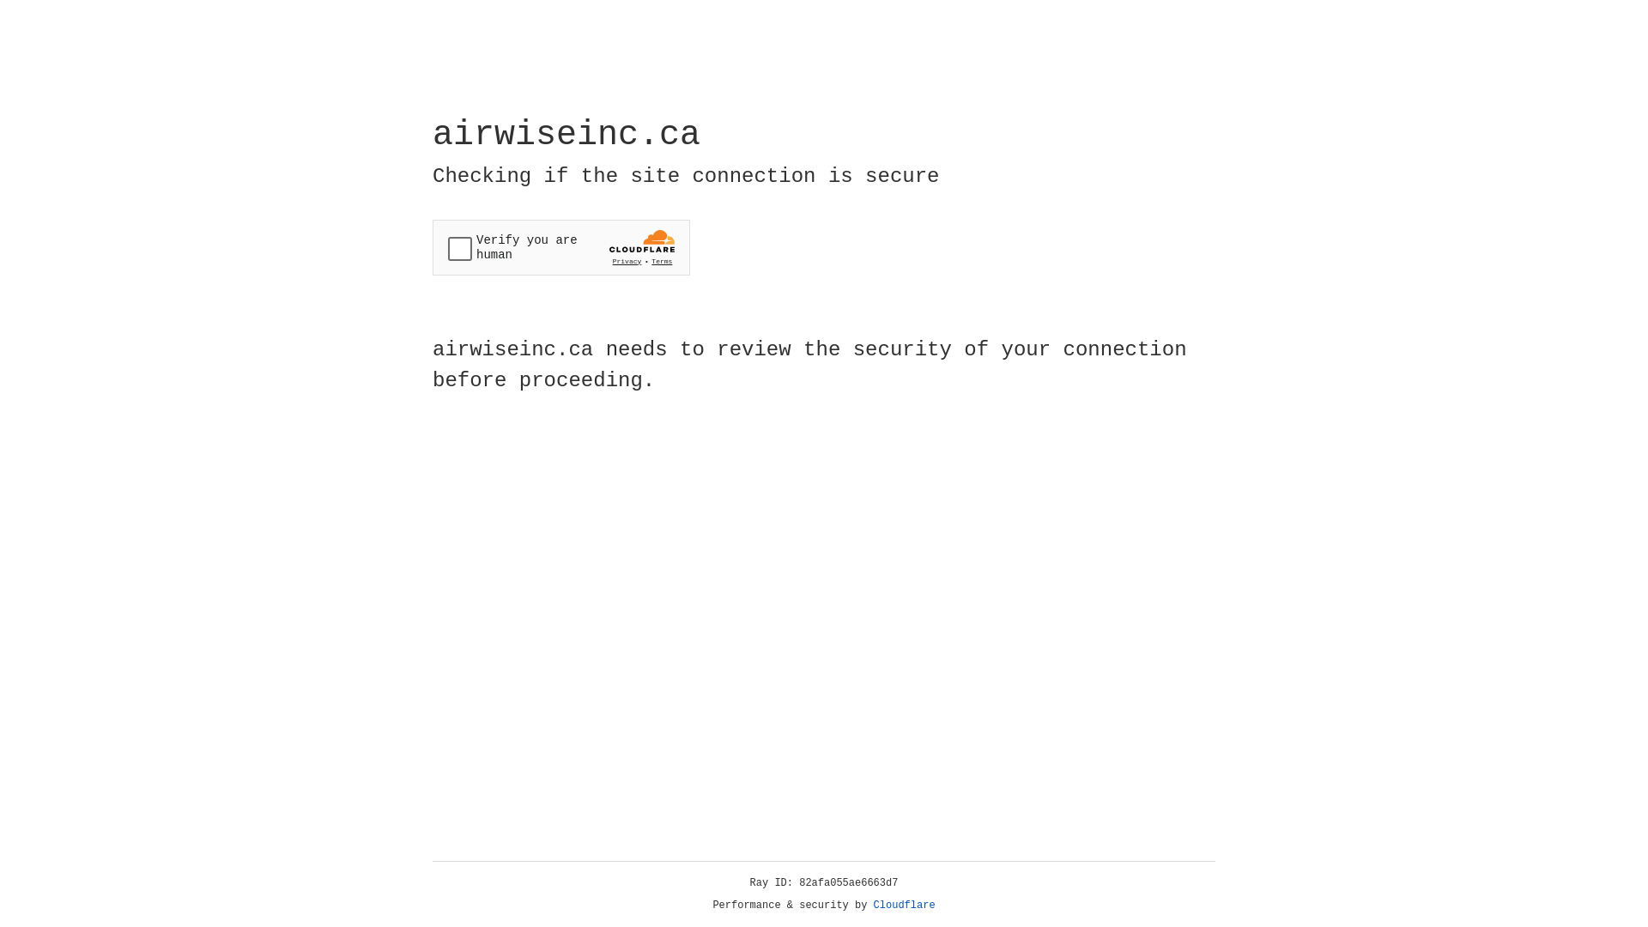 The width and height of the screenshot is (1648, 927). I want to click on 'Cloudflare', so click(904, 905).